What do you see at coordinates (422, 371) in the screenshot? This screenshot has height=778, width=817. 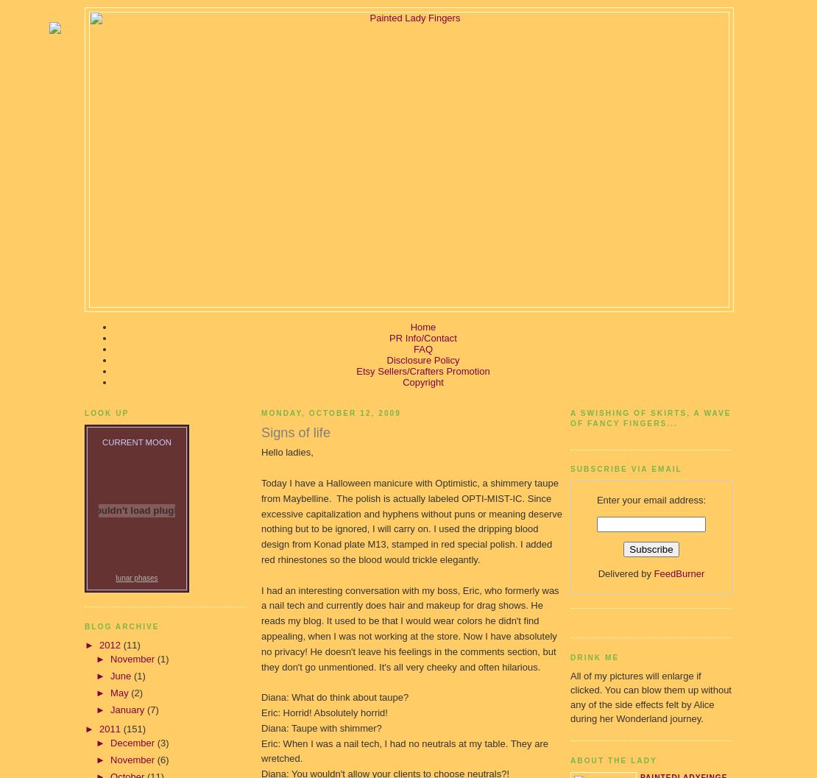 I see `'Etsy Sellers/Crafters Promotion'` at bounding box center [422, 371].